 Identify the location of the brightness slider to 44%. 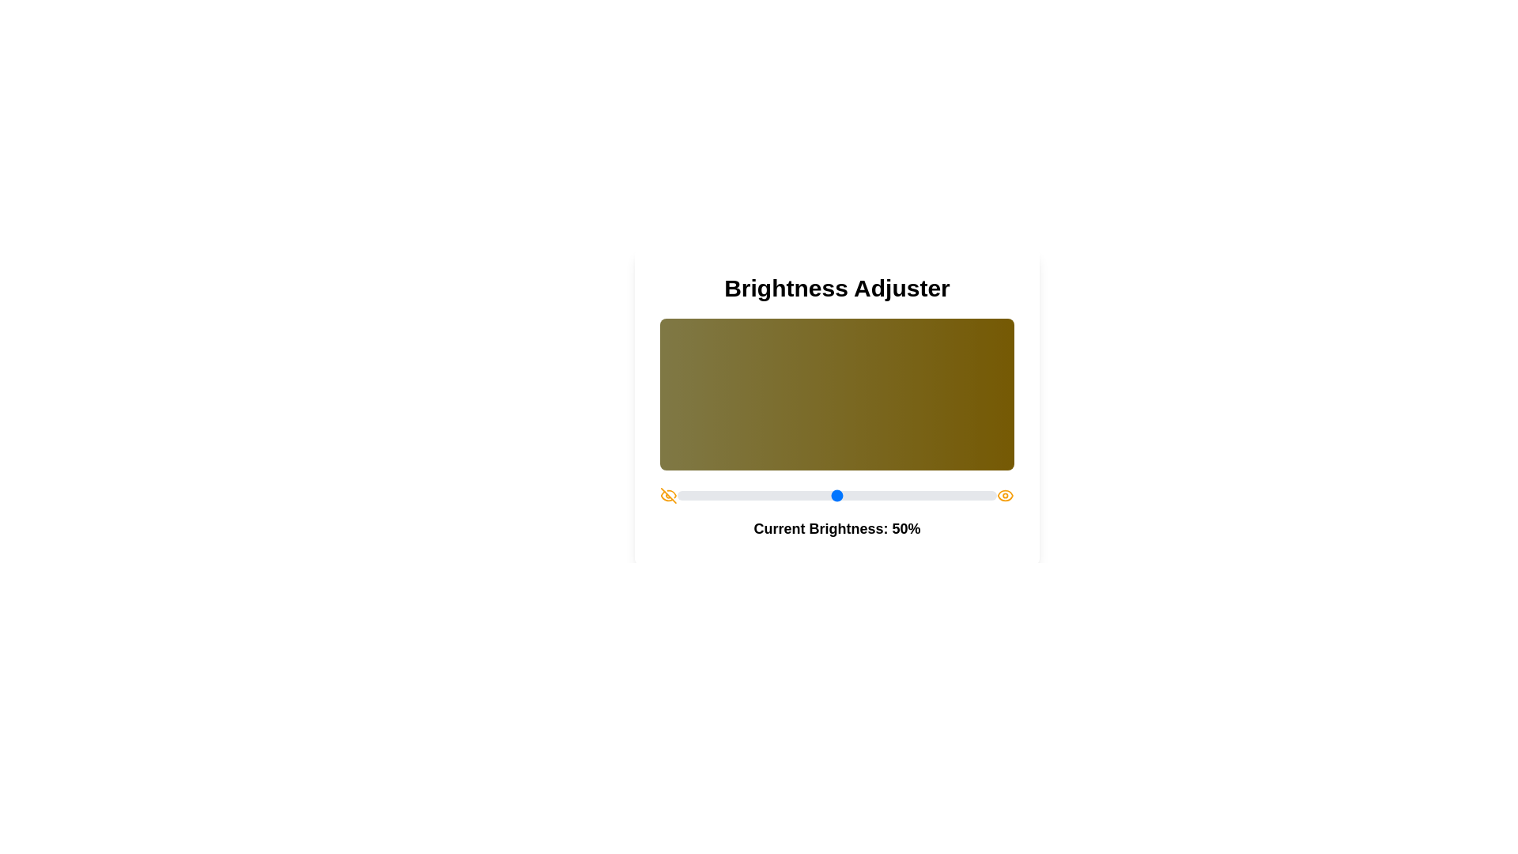
(818, 495).